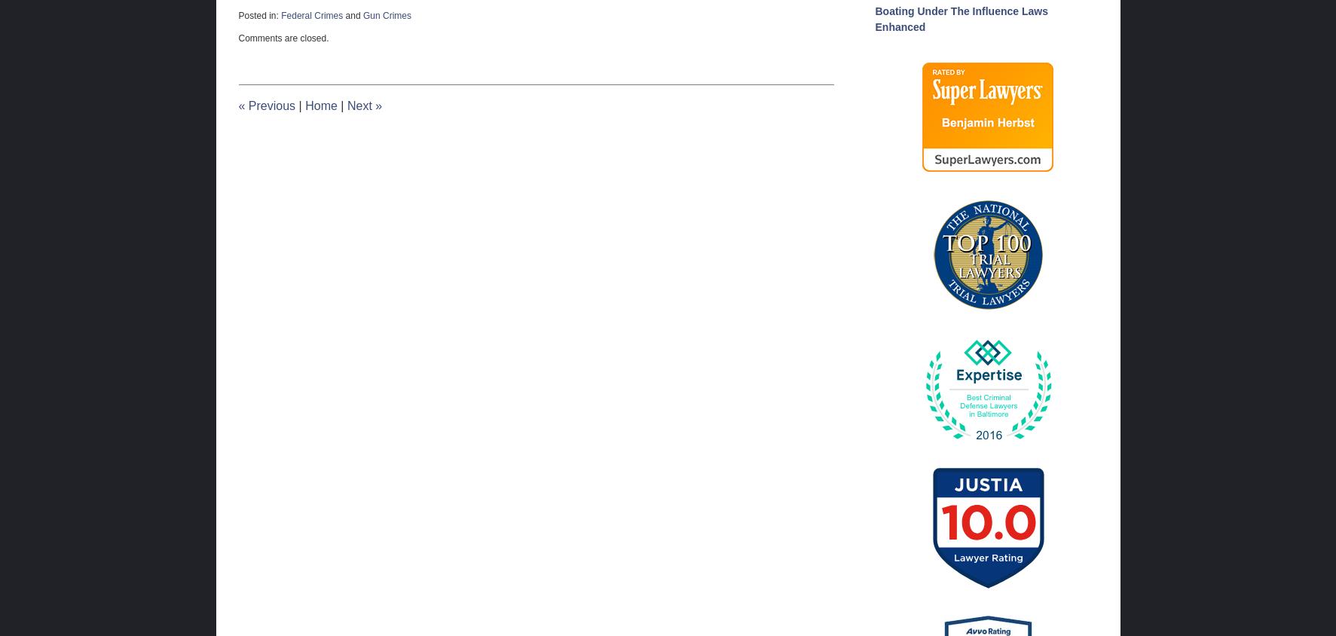 The width and height of the screenshot is (1336, 636). Describe the element at coordinates (386, 14) in the screenshot. I see `'Gun Crimes'` at that location.